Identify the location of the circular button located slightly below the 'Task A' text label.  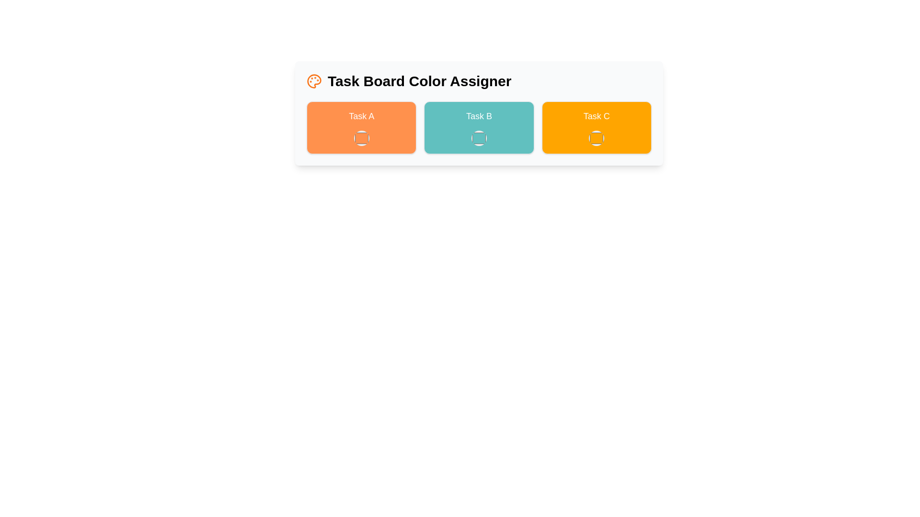
(361, 138).